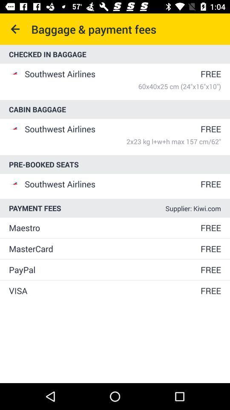 The width and height of the screenshot is (230, 410). I want to click on item above the cabin baggage, so click(122, 86).